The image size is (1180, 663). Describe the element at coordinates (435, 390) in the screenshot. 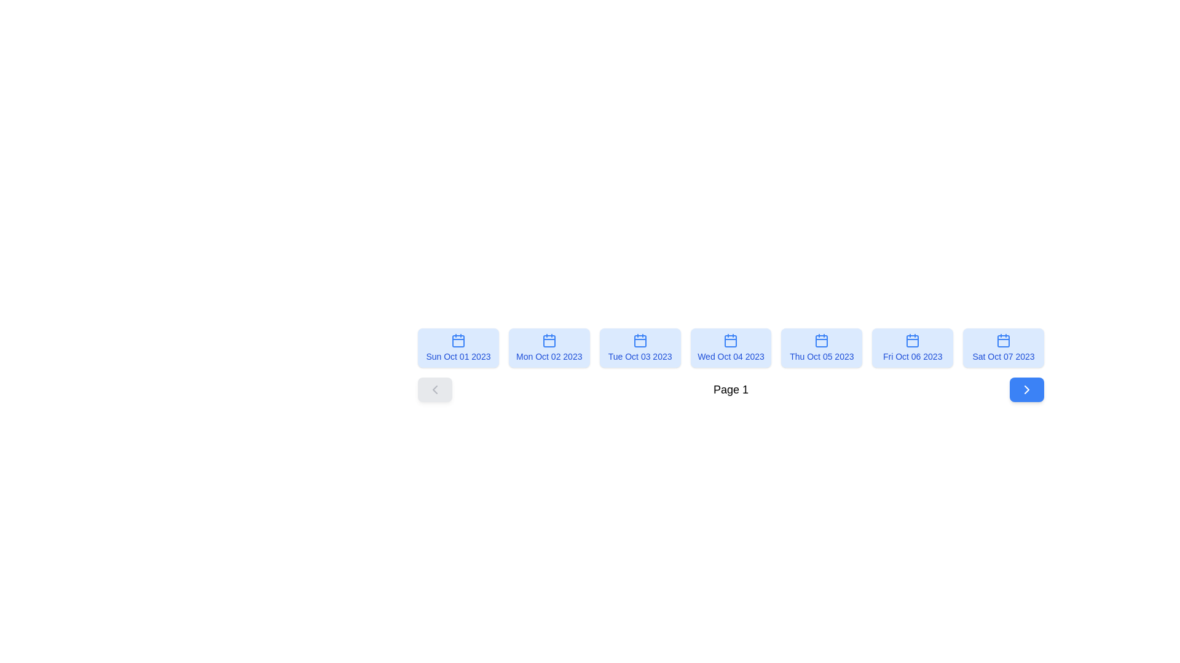

I see `the navigation arrow SVG icon located at the far left of the interface, adjacent to date-based buttons` at that location.